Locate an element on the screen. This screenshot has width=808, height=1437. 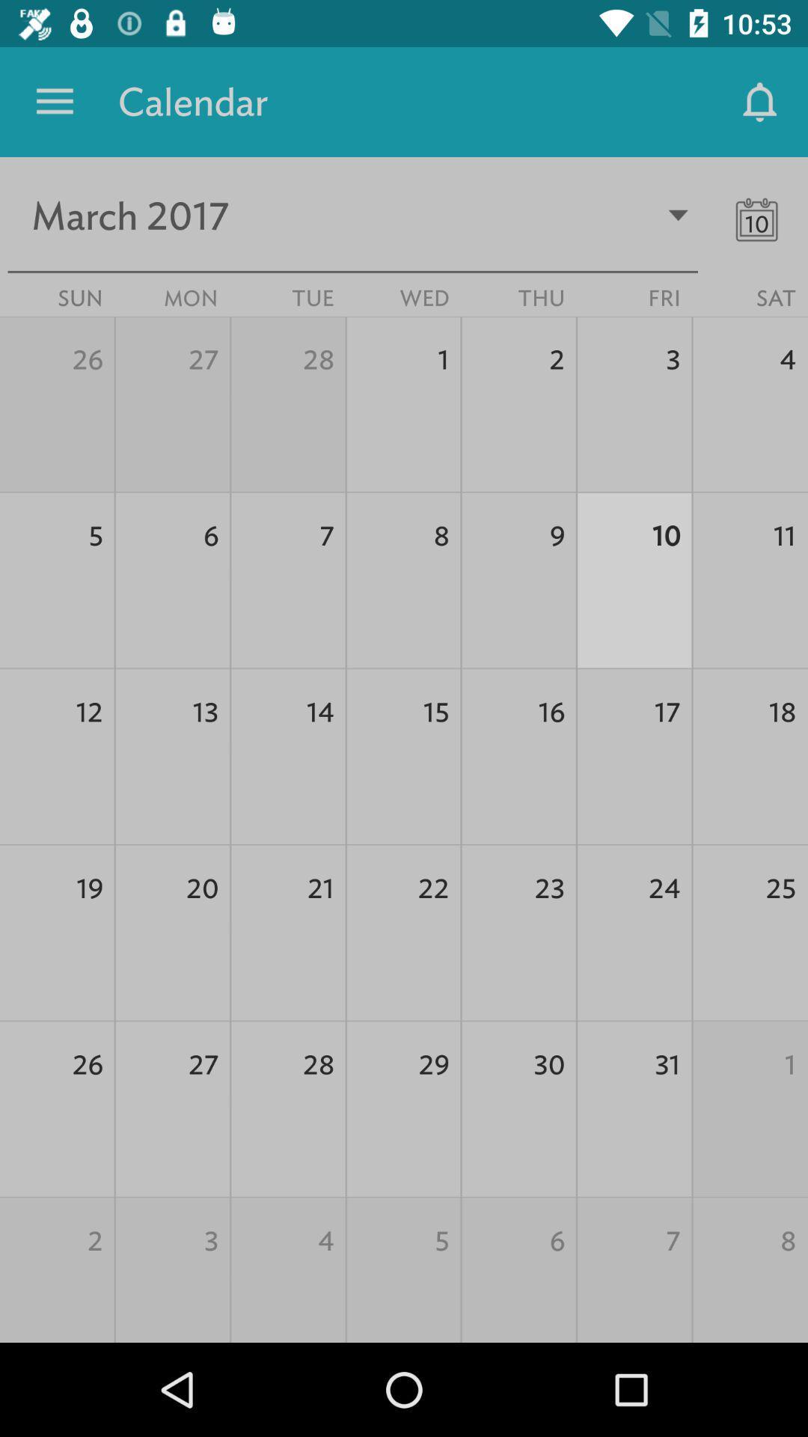
the date_range icon is located at coordinates (756, 219).